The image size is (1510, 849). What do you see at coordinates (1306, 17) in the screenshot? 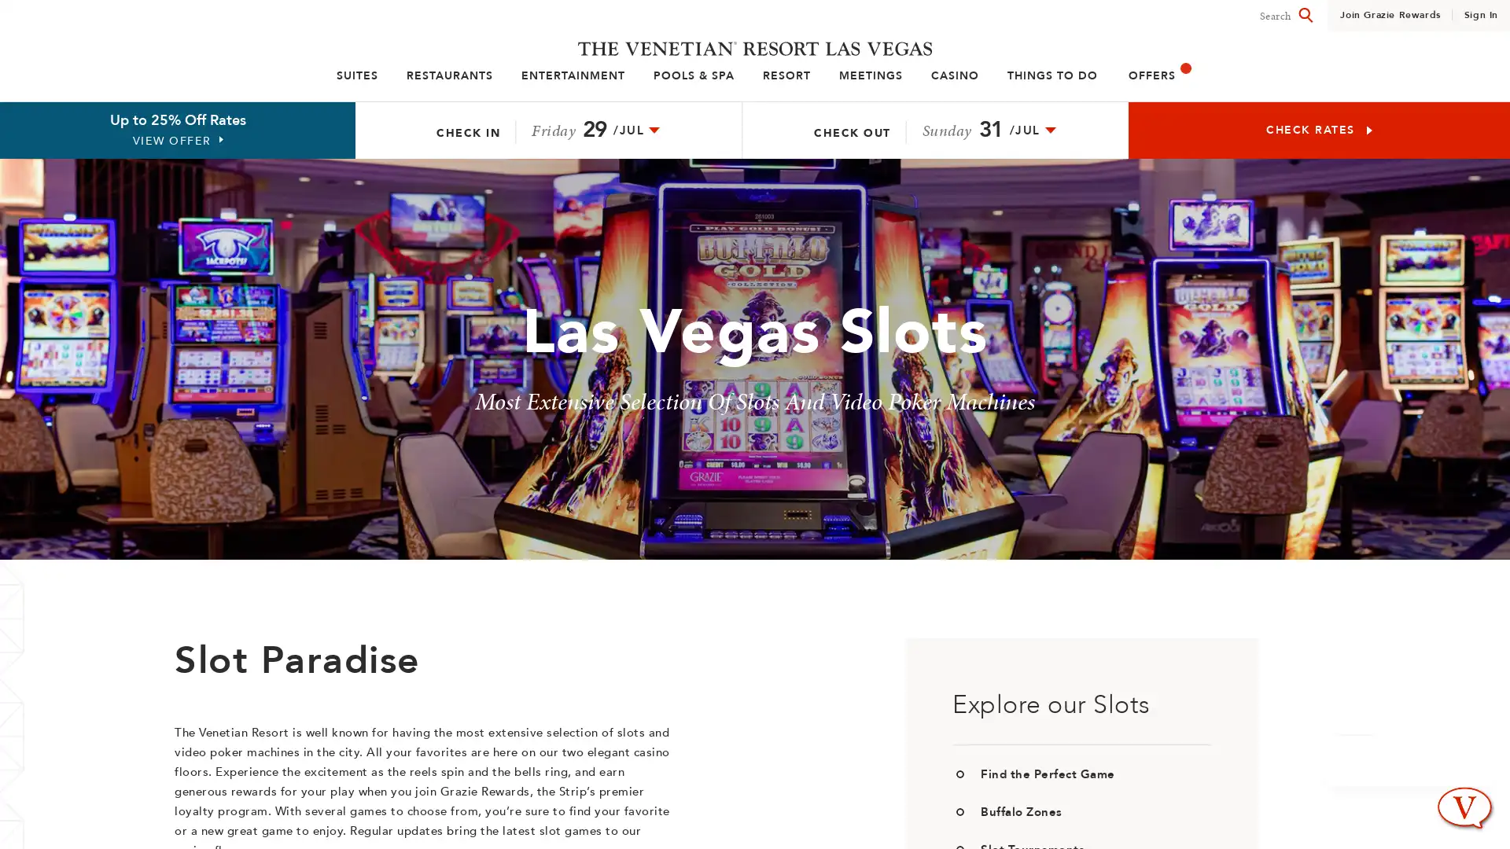
I see `Search` at bounding box center [1306, 17].